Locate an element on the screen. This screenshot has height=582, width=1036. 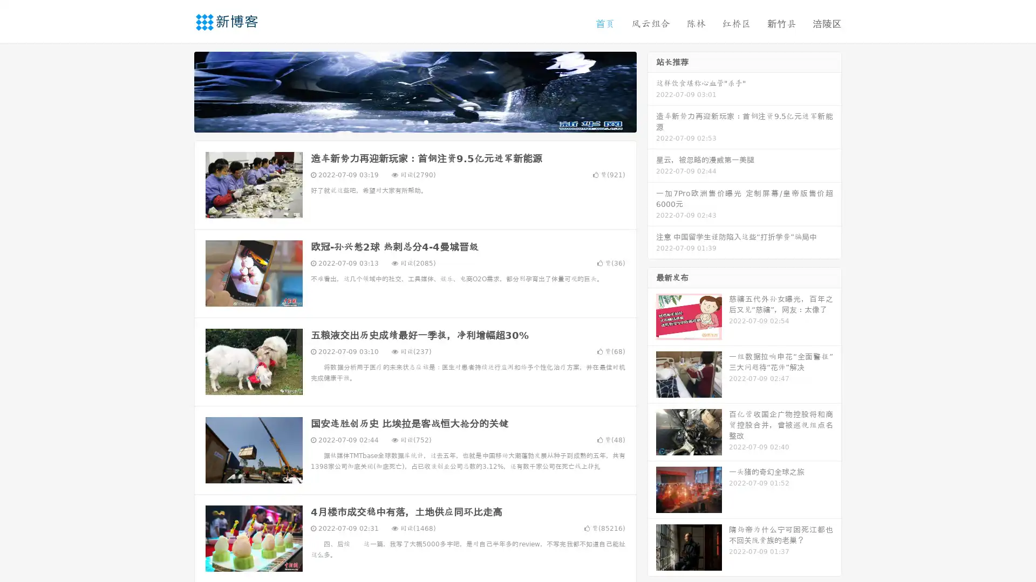
Go to slide 3 is located at coordinates (426, 121).